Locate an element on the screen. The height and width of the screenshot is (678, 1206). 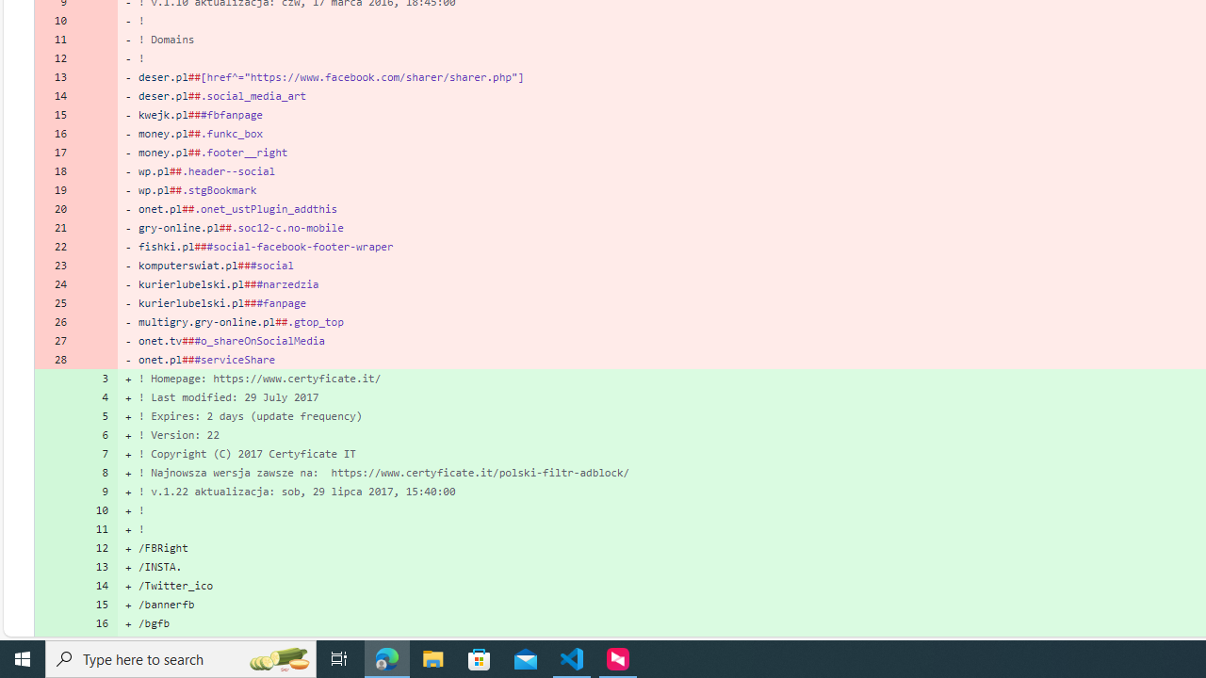
'24' is located at coordinates (55, 284).